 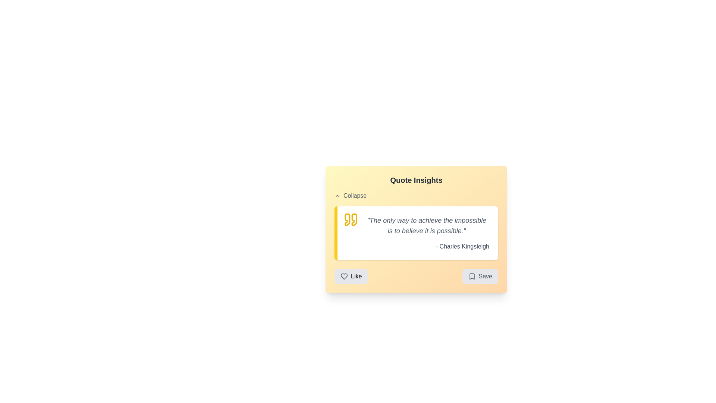 I want to click on the 'like' icon inside the 'Like' button located in the lower left corner of the quote card, so click(x=343, y=276).